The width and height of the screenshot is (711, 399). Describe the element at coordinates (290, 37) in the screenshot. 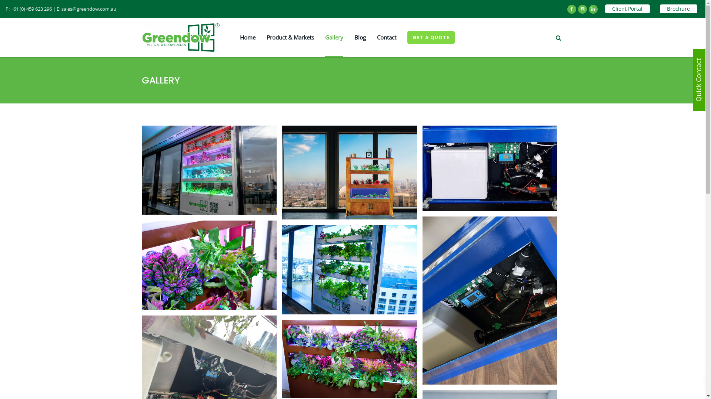

I see `'Product & Markets'` at that location.